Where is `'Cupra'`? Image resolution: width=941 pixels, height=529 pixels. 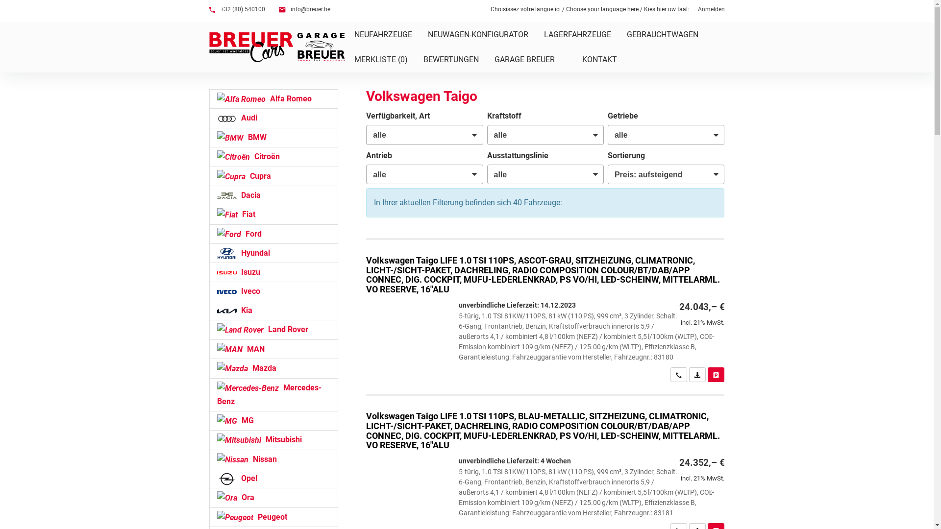
'Cupra' is located at coordinates (208, 175).